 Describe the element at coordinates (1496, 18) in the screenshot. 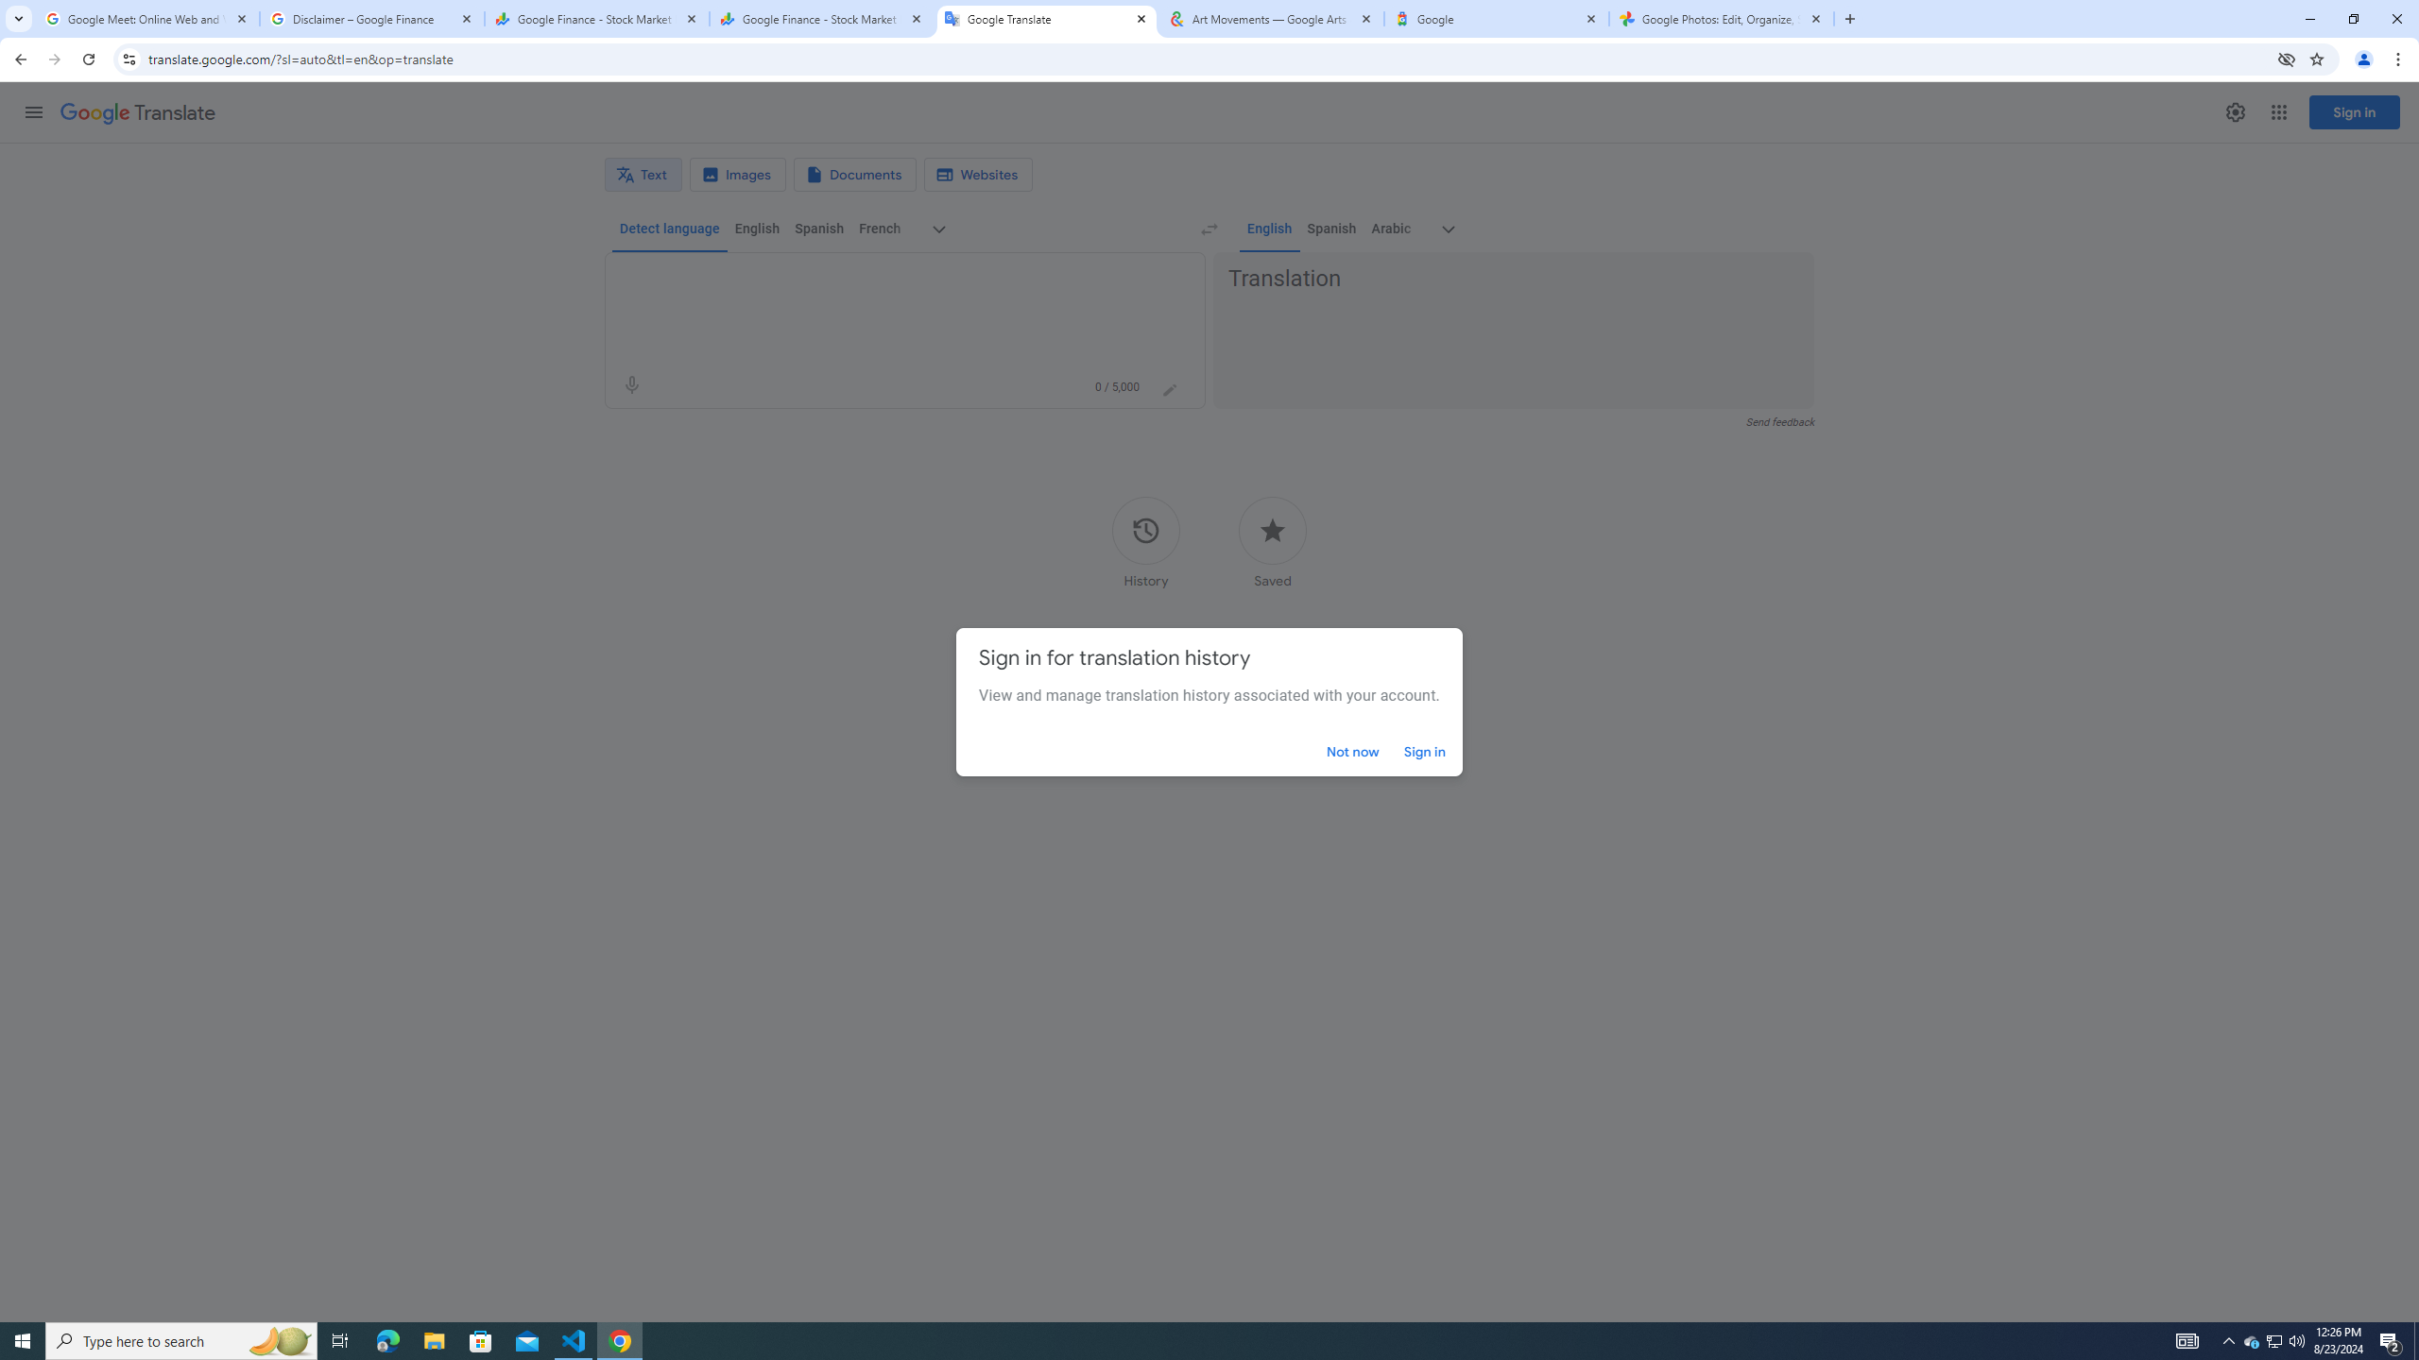

I see `'Google'` at that location.